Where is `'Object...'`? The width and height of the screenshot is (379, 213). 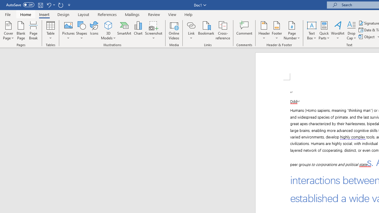 'Object...' is located at coordinates (367, 37).